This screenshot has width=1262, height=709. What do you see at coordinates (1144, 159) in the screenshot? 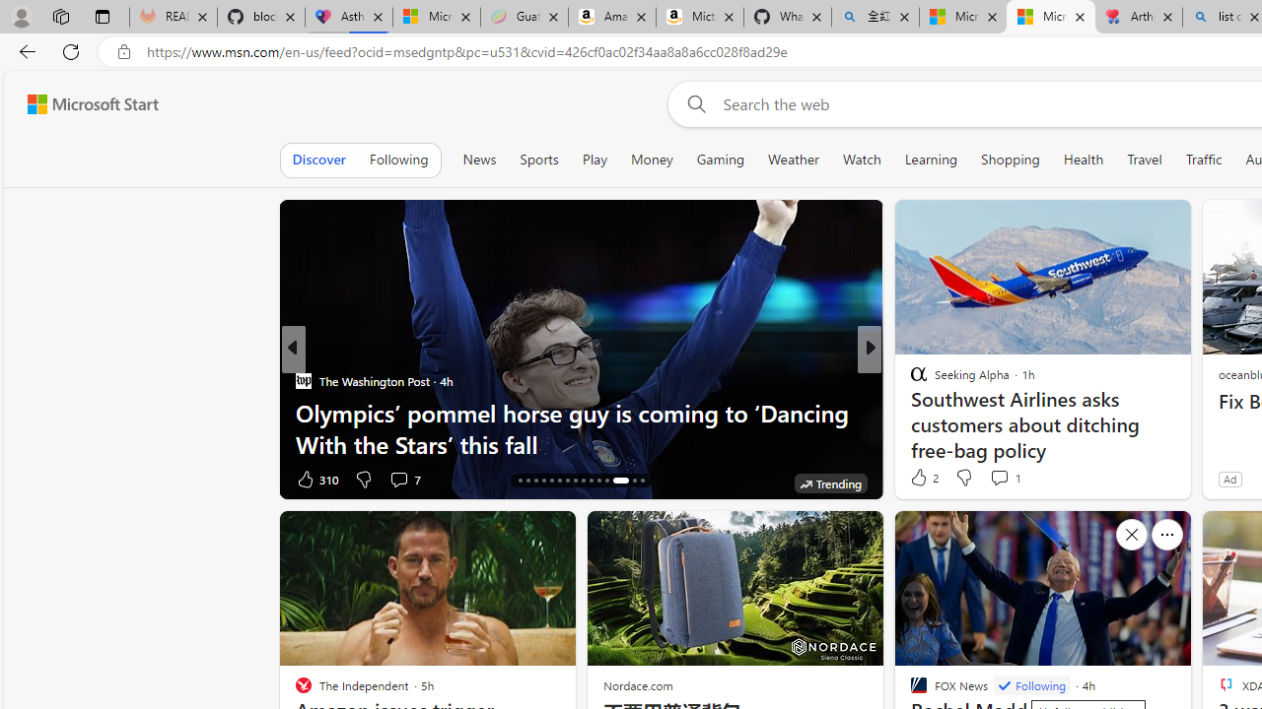
I see `'Travel'` at bounding box center [1144, 159].